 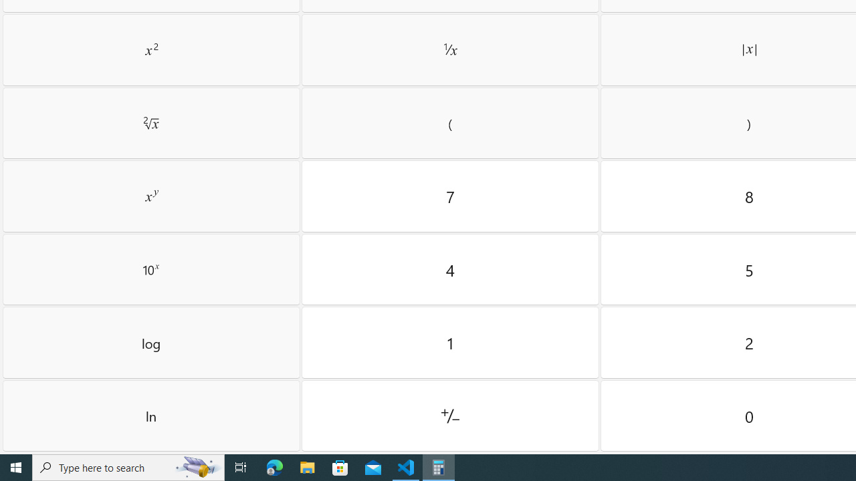 I want to click on 'Microsoft Edge', so click(x=274, y=466).